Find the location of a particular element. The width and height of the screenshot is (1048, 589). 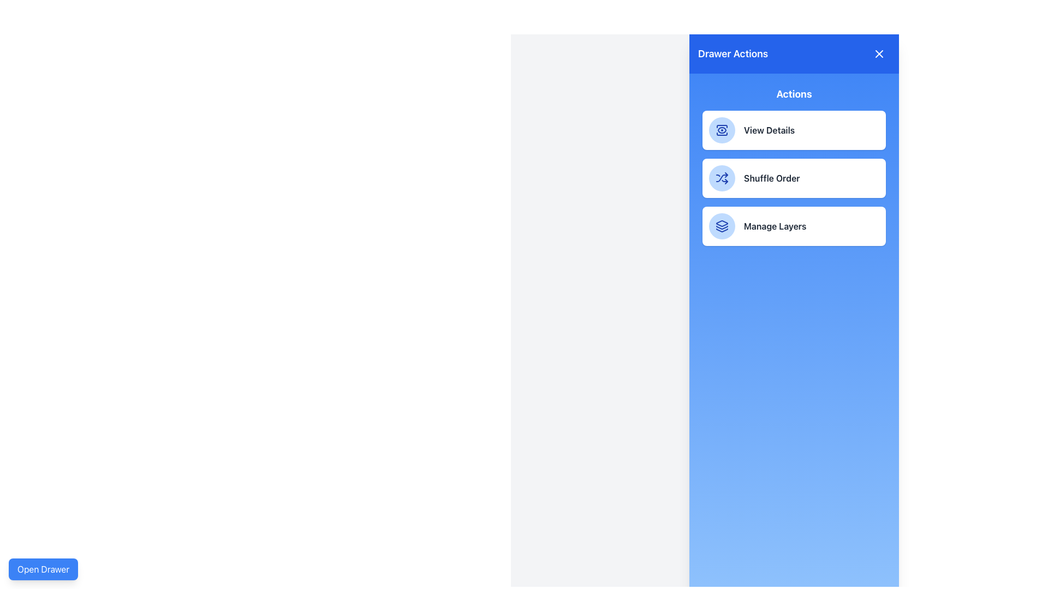

the 'View Details' button icon, which is part of the first button in a vertical stack of three interactive cards labeled 'View Details' is located at coordinates (722, 130).